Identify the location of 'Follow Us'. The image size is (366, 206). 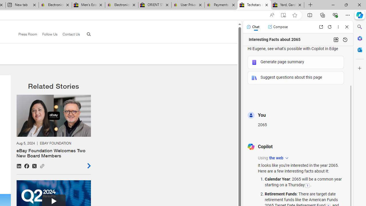
(47, 34).